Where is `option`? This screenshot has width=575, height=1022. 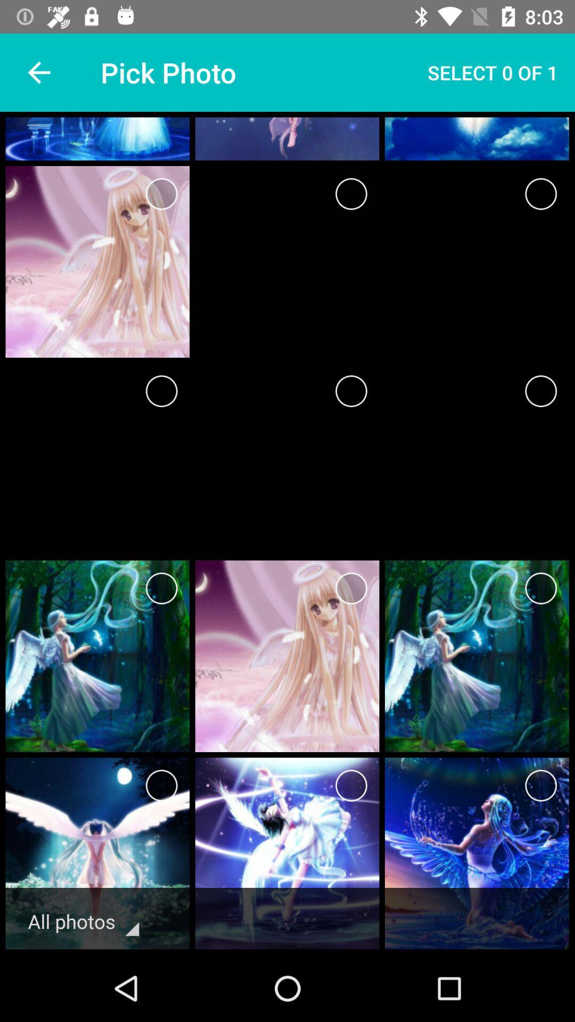
option is located at coordinates (161, 390).